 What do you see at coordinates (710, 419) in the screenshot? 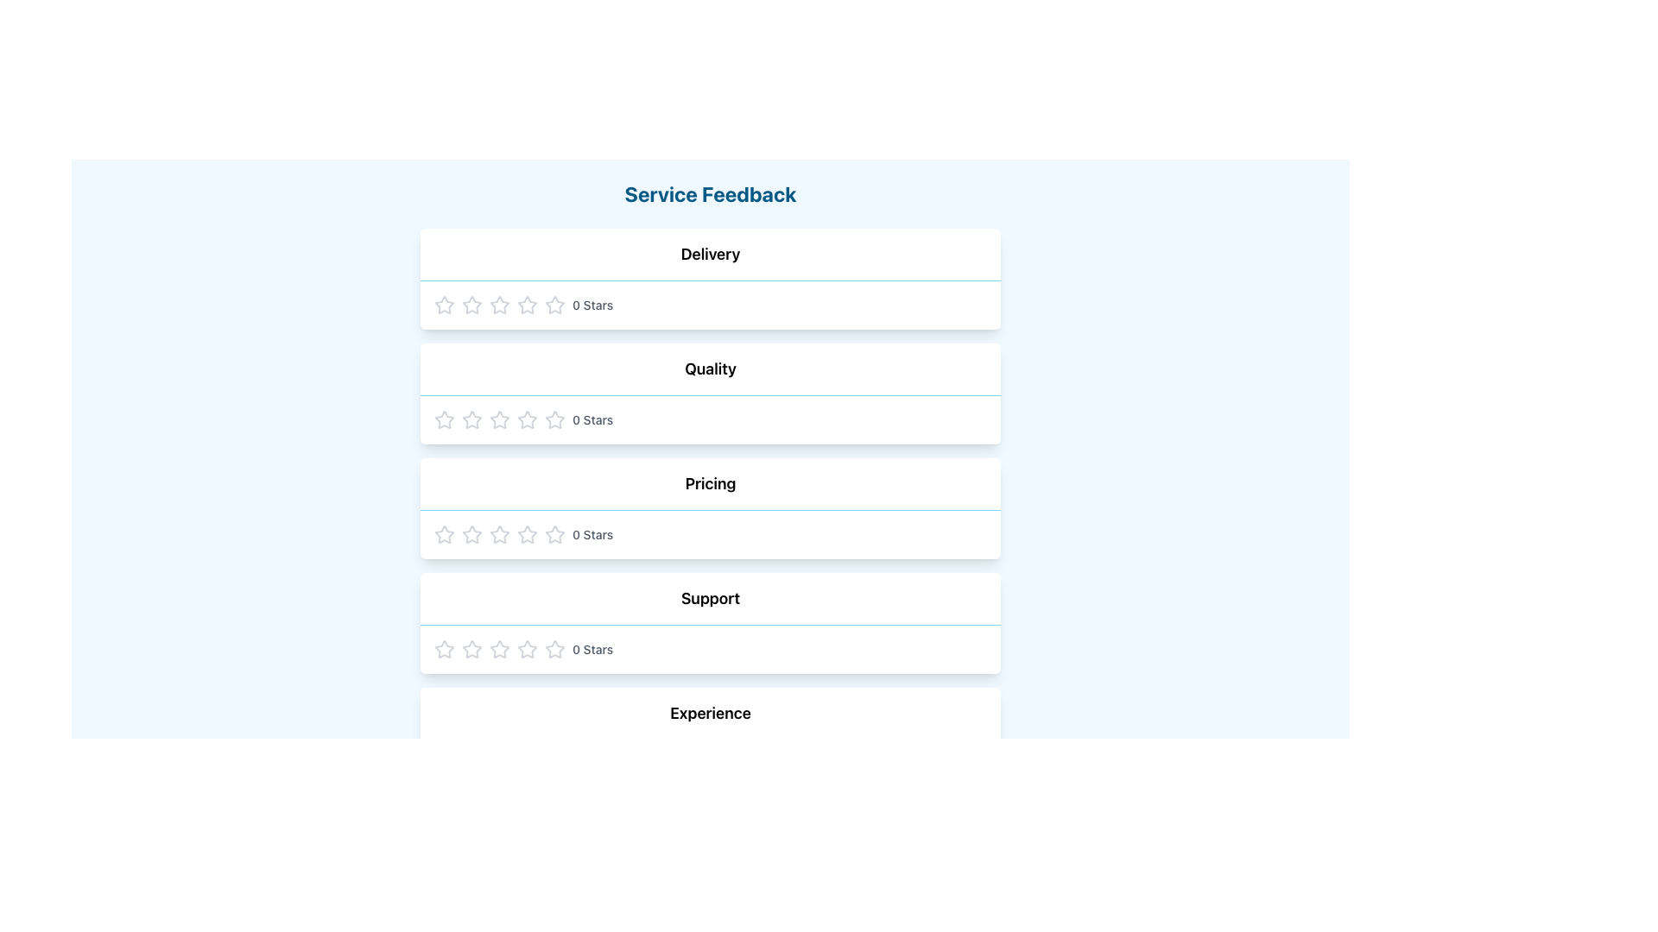
I see `the second rating component under the 'Quality' section` at bounding box center [710, 419].